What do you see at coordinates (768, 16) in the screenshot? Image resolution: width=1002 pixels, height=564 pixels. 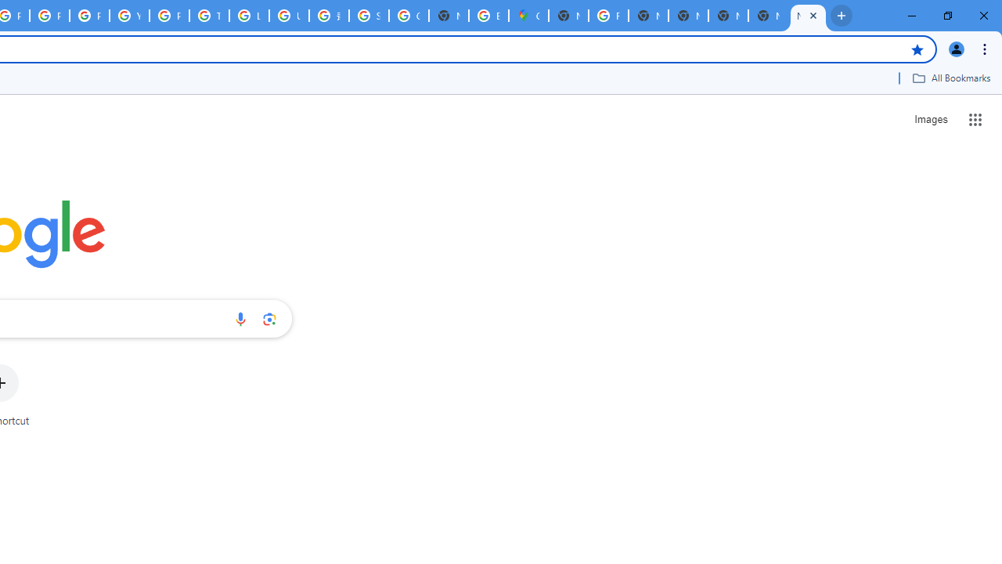 I see `'New Tab'` at bounding box center [768, 16].